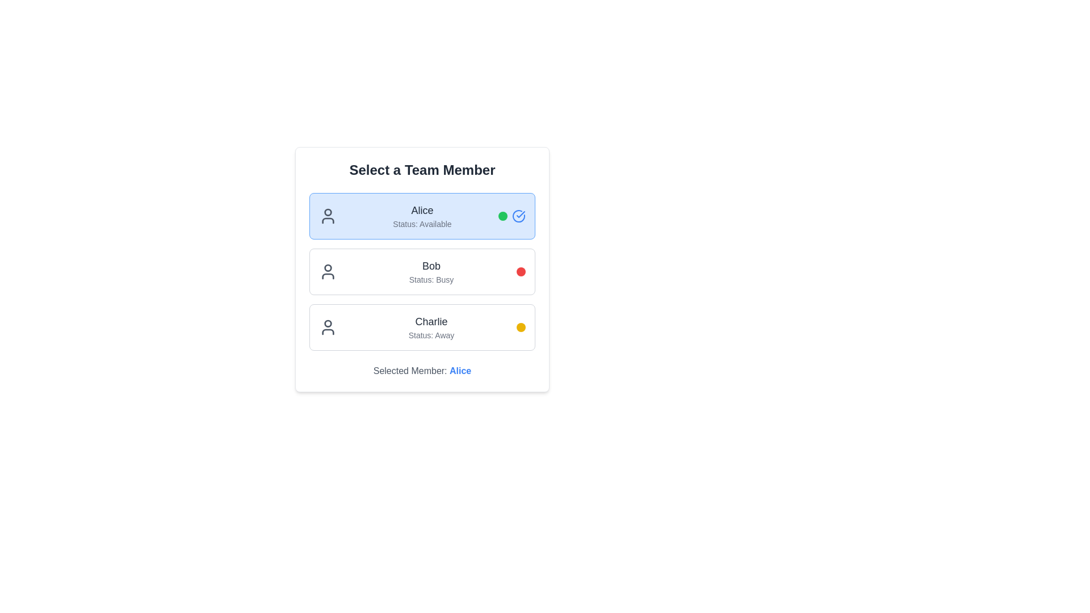  I want to click on the small yellow circular indicator positioned at the far-right edge of the 'Charlie' card, which aligns with the text 'Status: Away', so click(520, 328).